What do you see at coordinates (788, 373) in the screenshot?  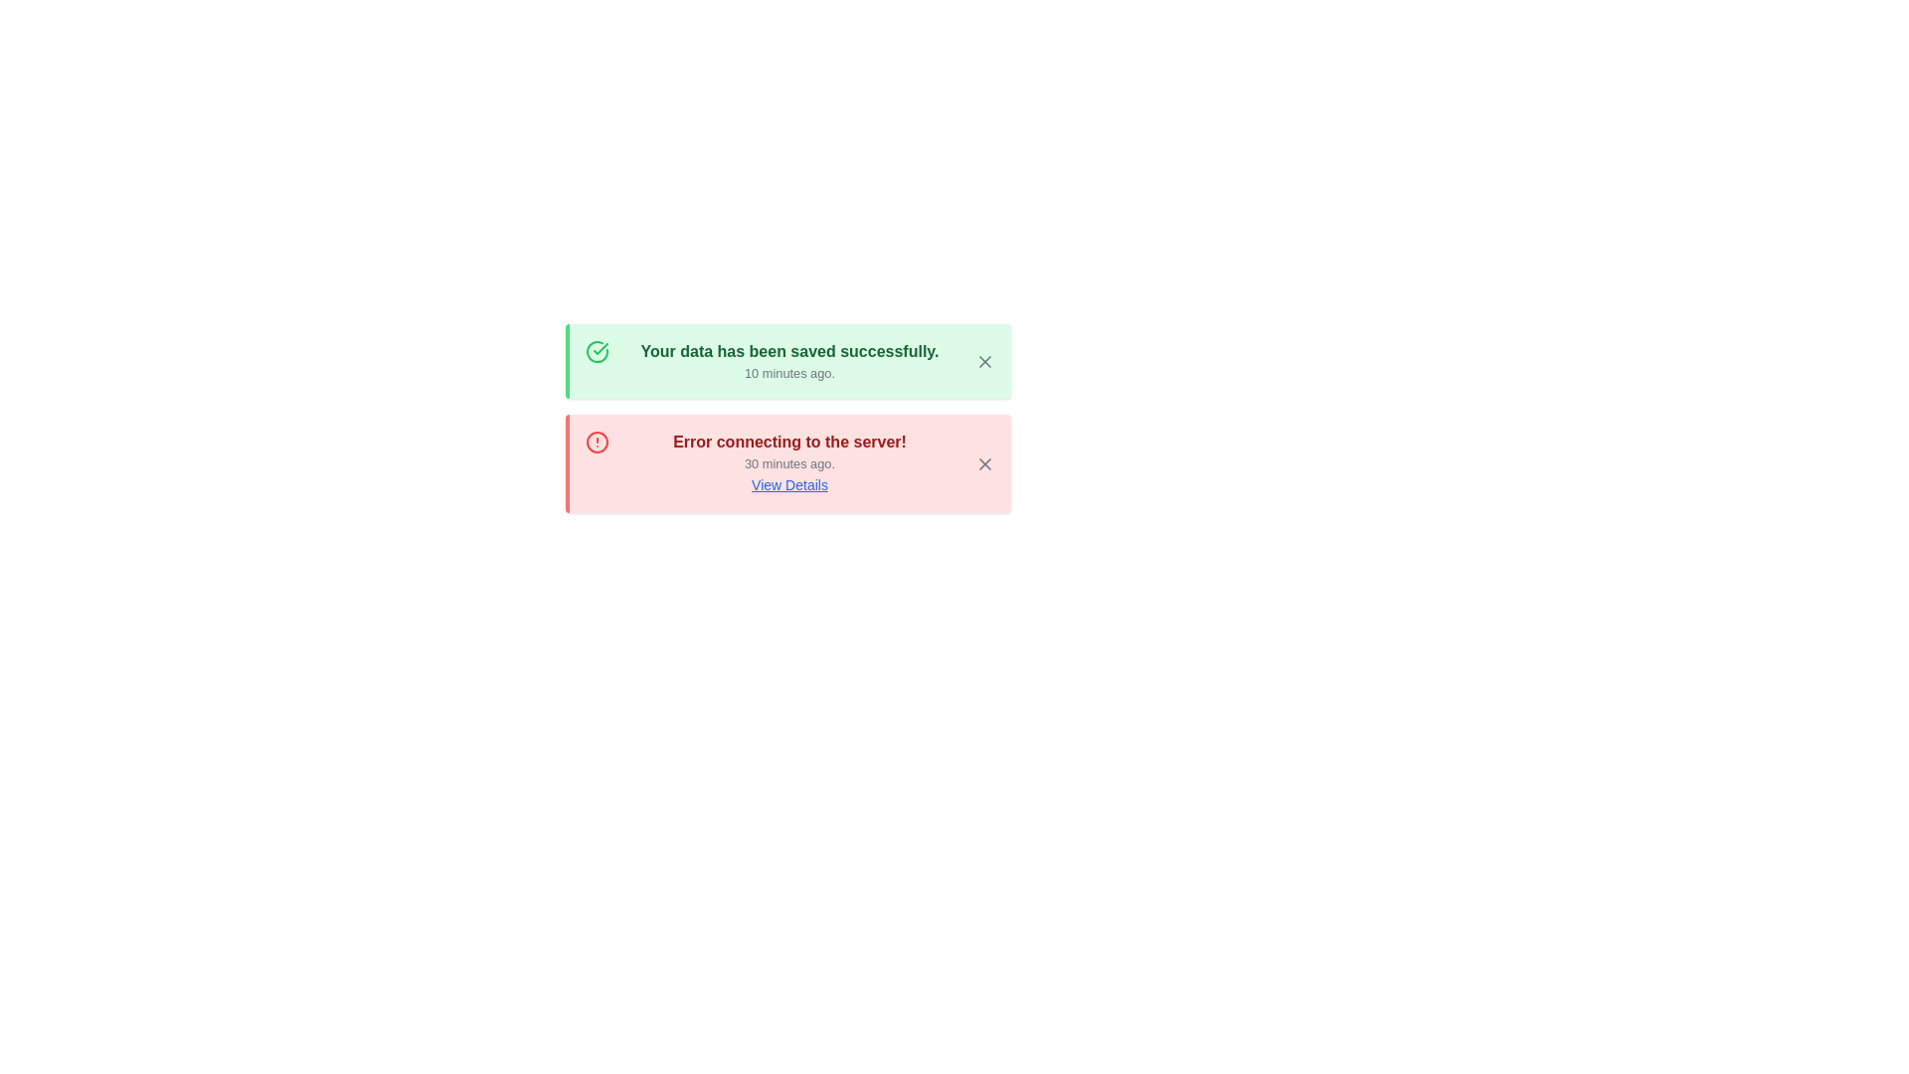 I see `the second line of text within the green notification card that indicates the time elapsed since the action, positioned directly below 'Your data has been saved successfully.'` at bounding box center [788, 373].